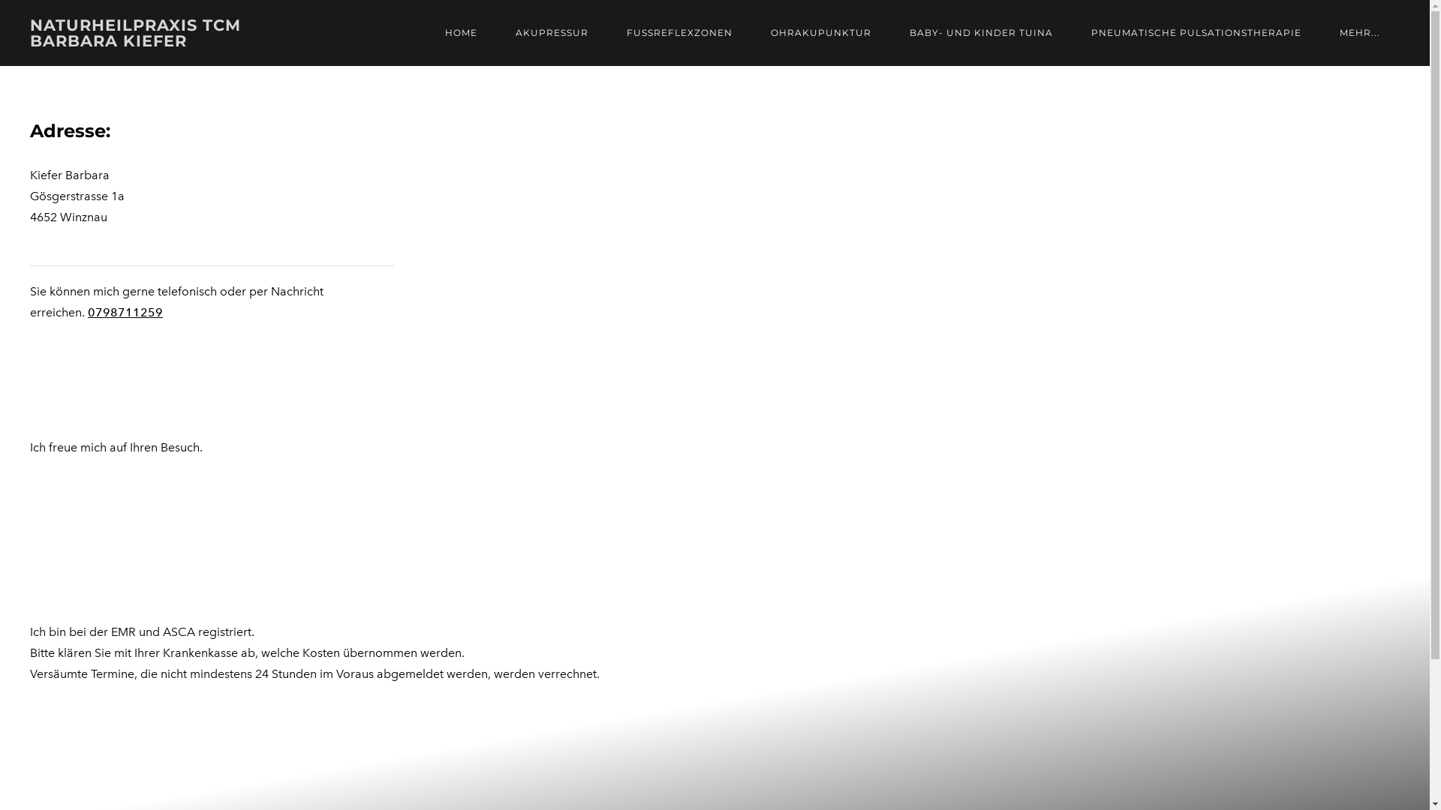  What do you see at coordinates (1195, 32) in the screenshot?
I see `'PNEUMATISCHE PULSATIONSTHERAPIE'` at bounding box center [1195, 32].